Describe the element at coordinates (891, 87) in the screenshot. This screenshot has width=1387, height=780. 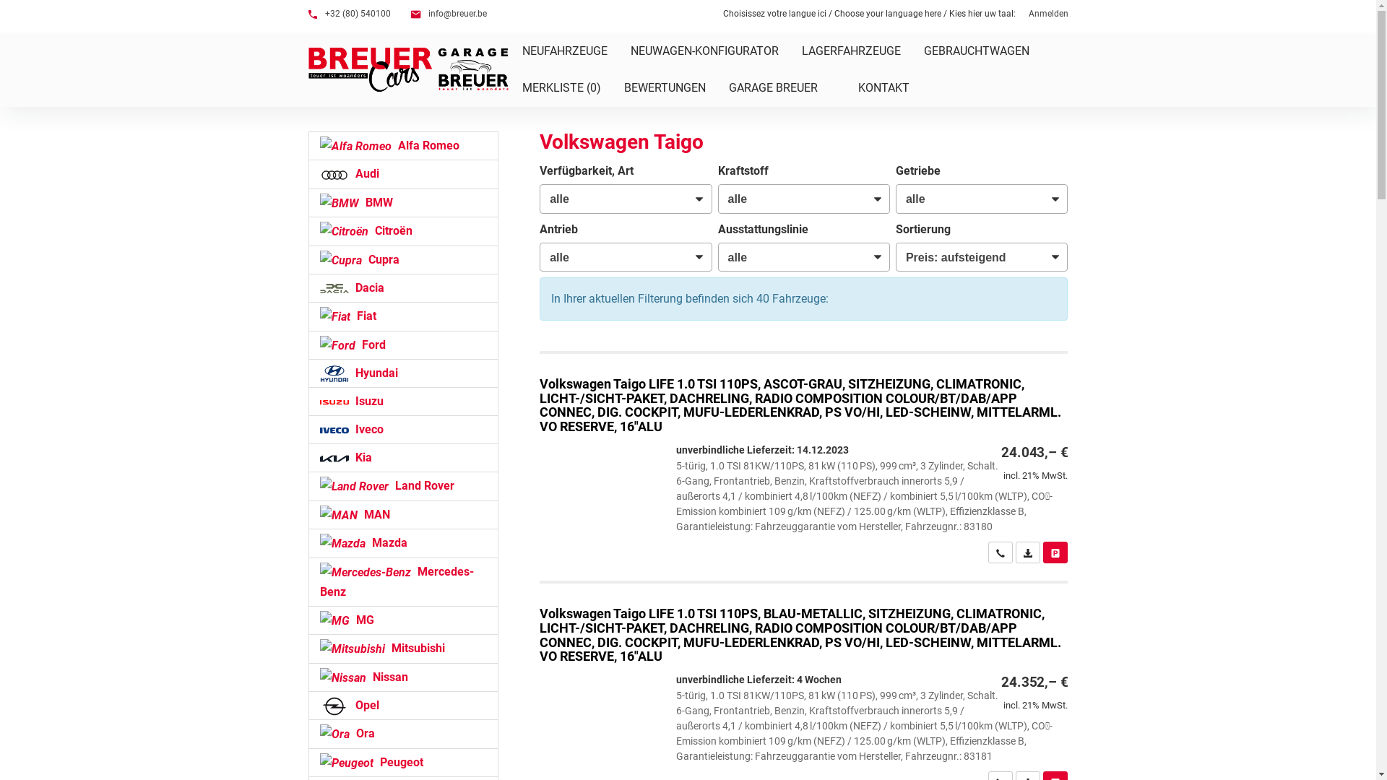
I see `'KONTAKT'` at that location.